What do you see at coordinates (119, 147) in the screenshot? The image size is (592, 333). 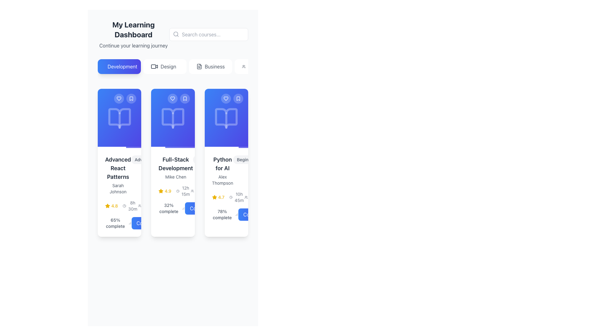 I see `the progress bar at the bottom of the first course card` at bounding box center [119, 147].